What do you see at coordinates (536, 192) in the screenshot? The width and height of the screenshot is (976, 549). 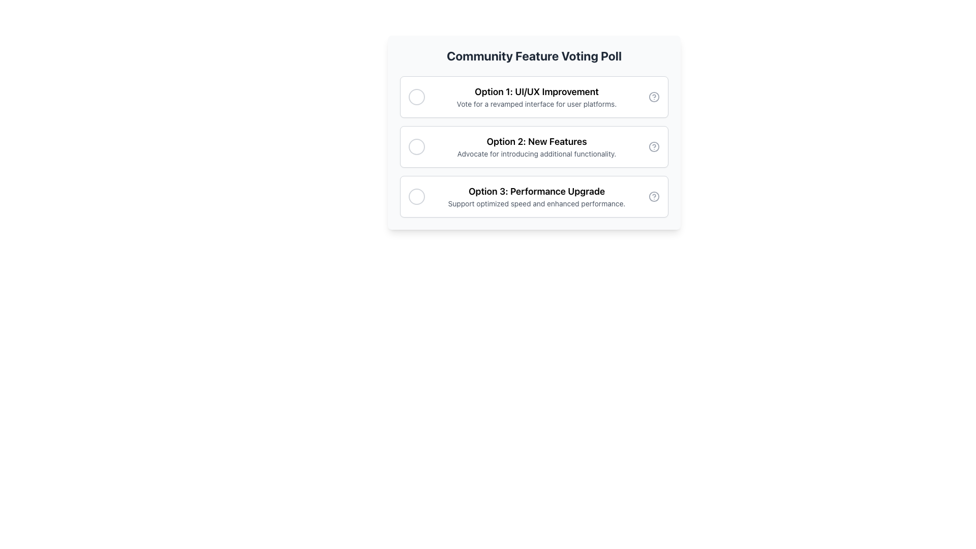 I see `the text label that serves as the title for the third voting poll option, which is located below 'Option 2: New Features' and above 'Support optimized speed and enhanced performance.'` at bounding box center [536, 192].